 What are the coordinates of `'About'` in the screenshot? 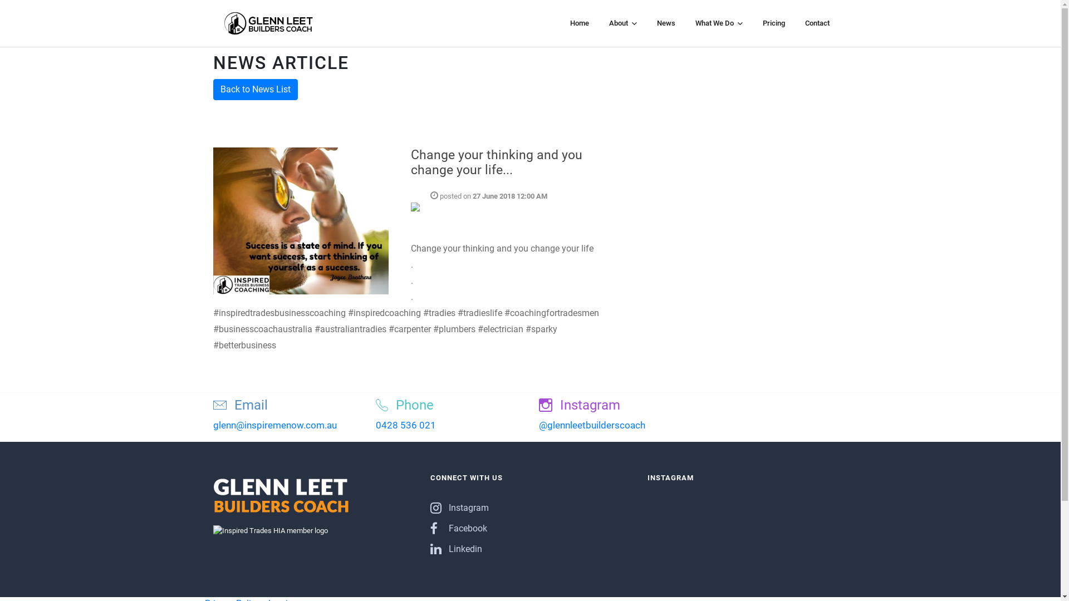 It's located at (622, 23).